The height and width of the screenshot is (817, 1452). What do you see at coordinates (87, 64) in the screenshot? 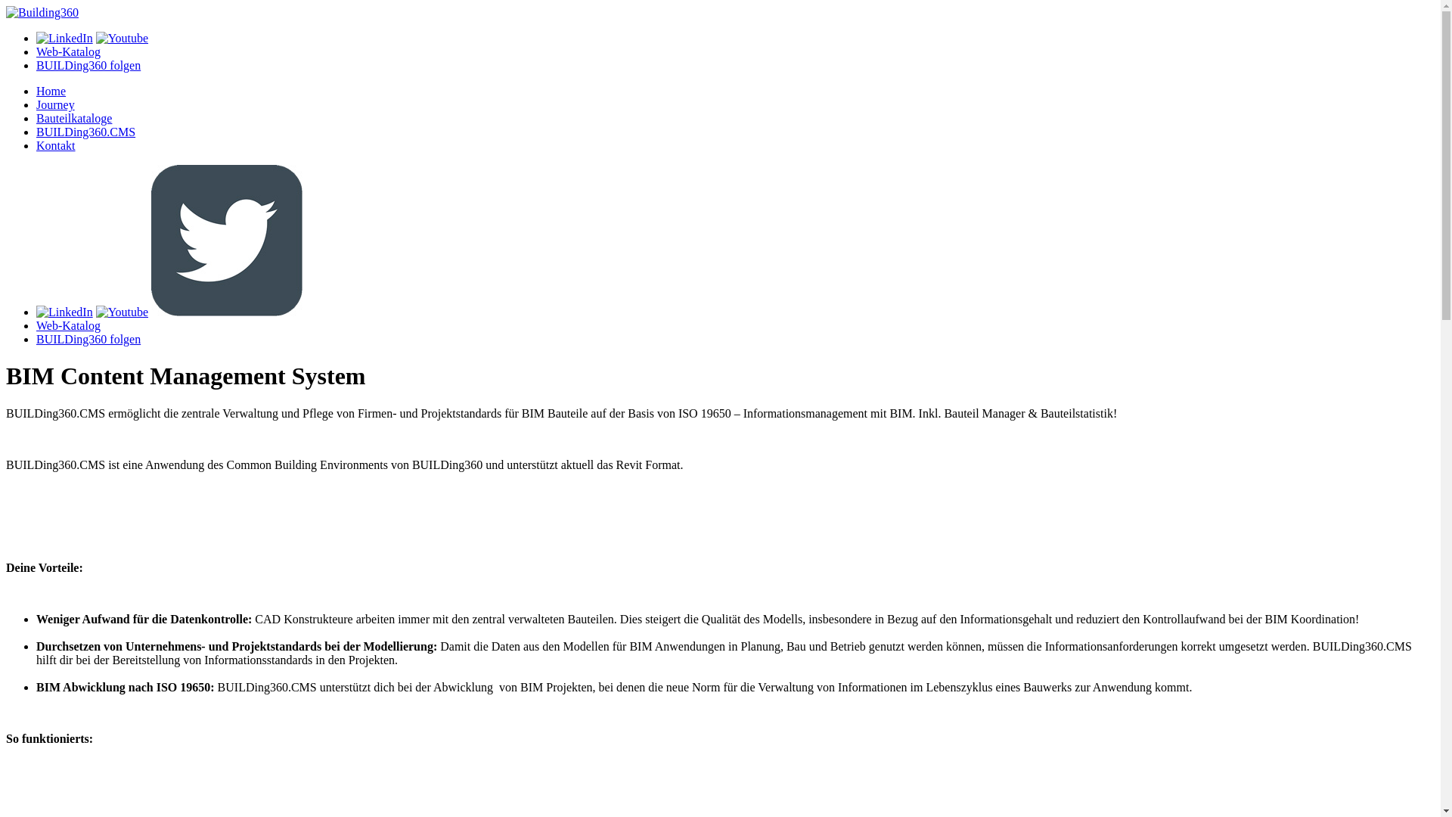
I see `'BUILDing360 folgen'` at bounding box center [87, 64].